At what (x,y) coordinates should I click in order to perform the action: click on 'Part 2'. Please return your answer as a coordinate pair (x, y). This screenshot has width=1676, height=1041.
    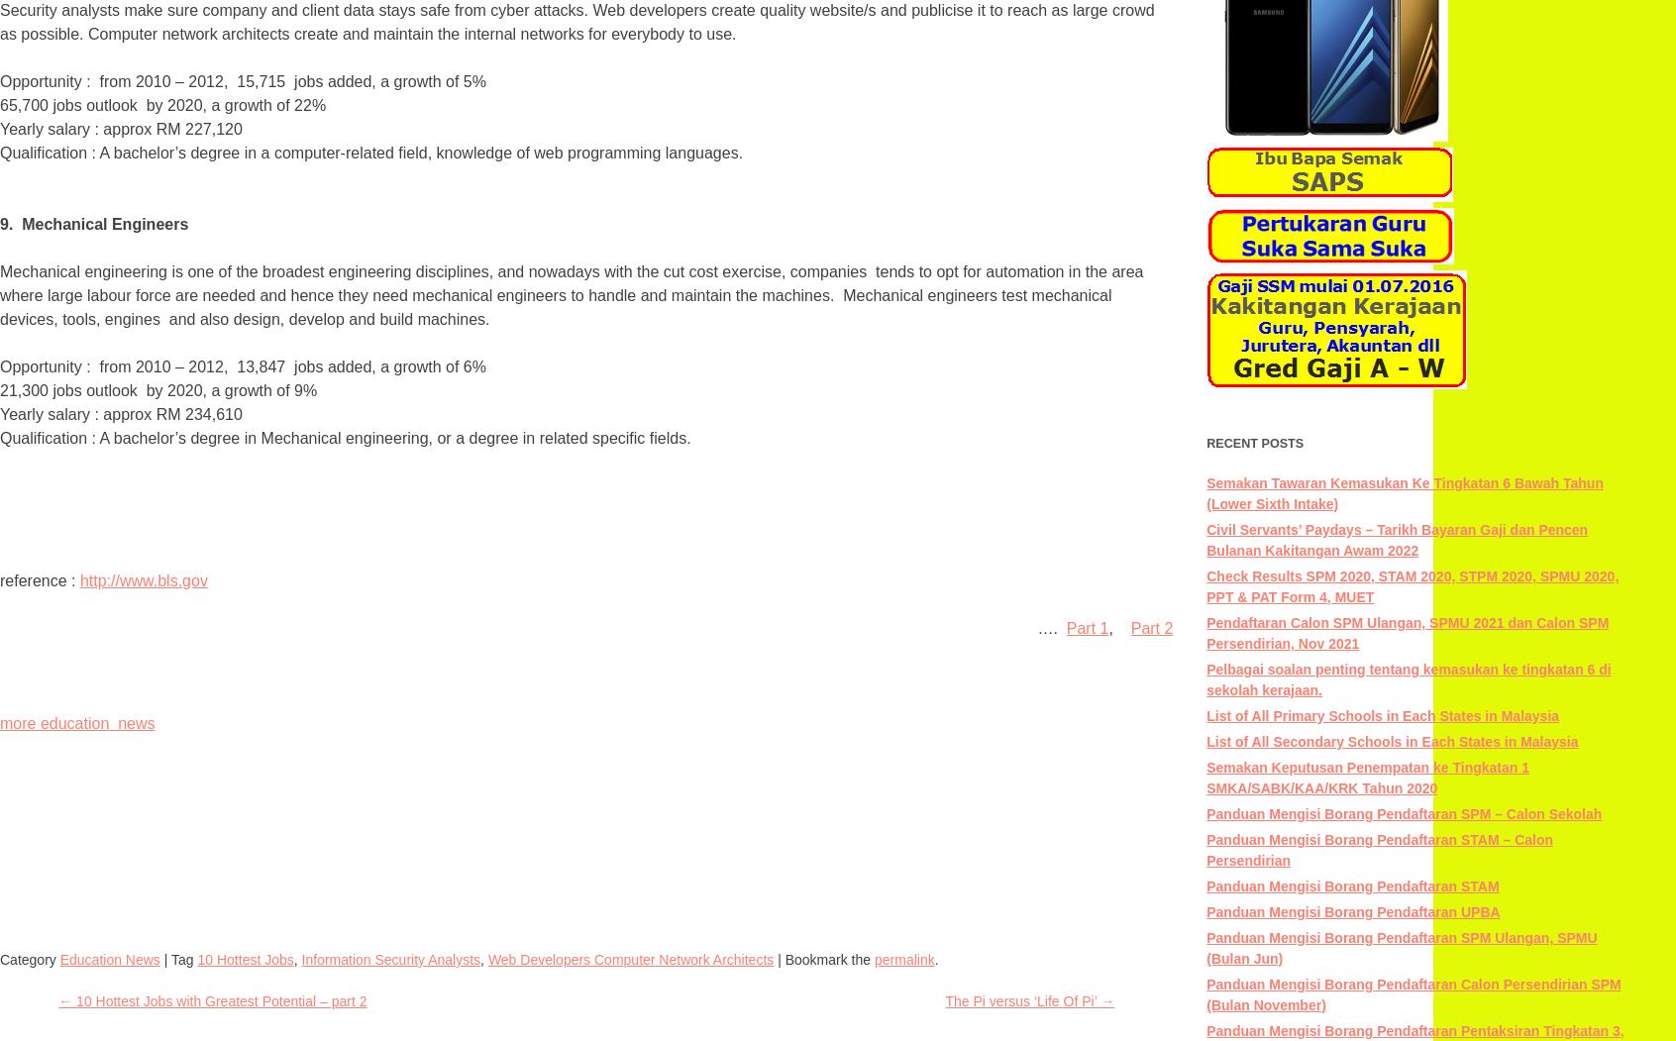
    Looking at the image, I should click on (1128, 627).